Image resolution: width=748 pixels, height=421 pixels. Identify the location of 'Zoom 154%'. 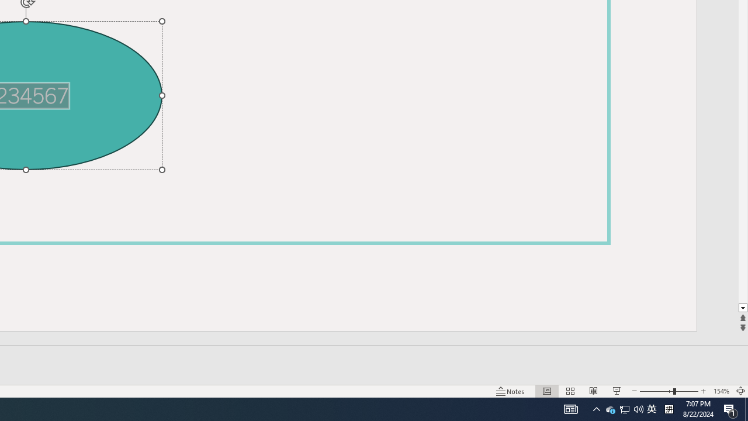
(721, 391).